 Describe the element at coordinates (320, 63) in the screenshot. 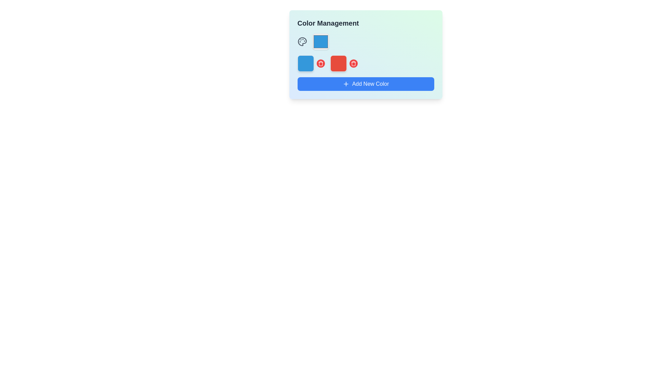

I see `the circular red button with a trash can icon located at the bottom-right section of the 'Color Management' card` at that location.